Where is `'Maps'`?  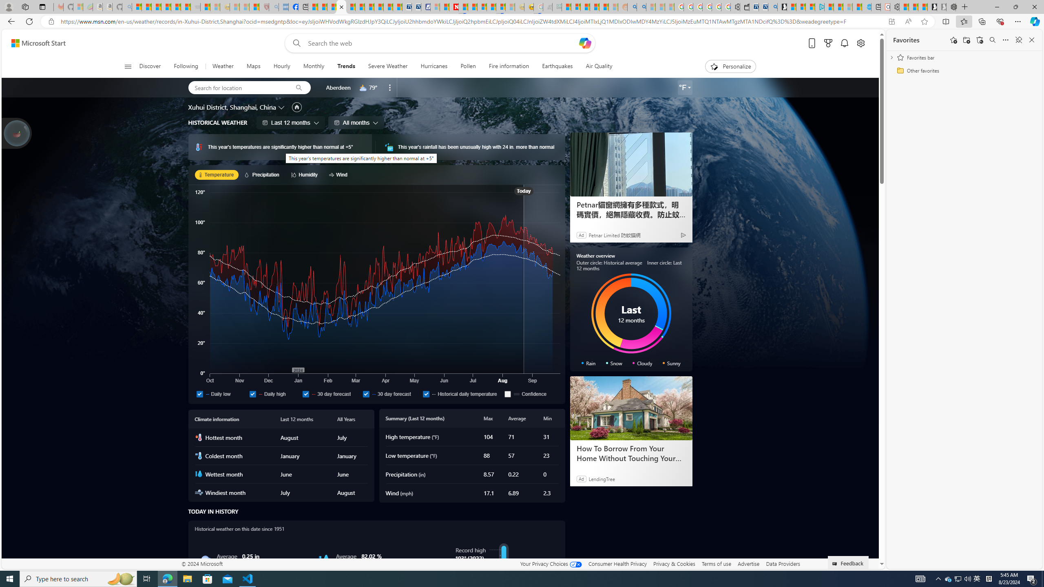
'Maps' is located at coordinates (253, 66).